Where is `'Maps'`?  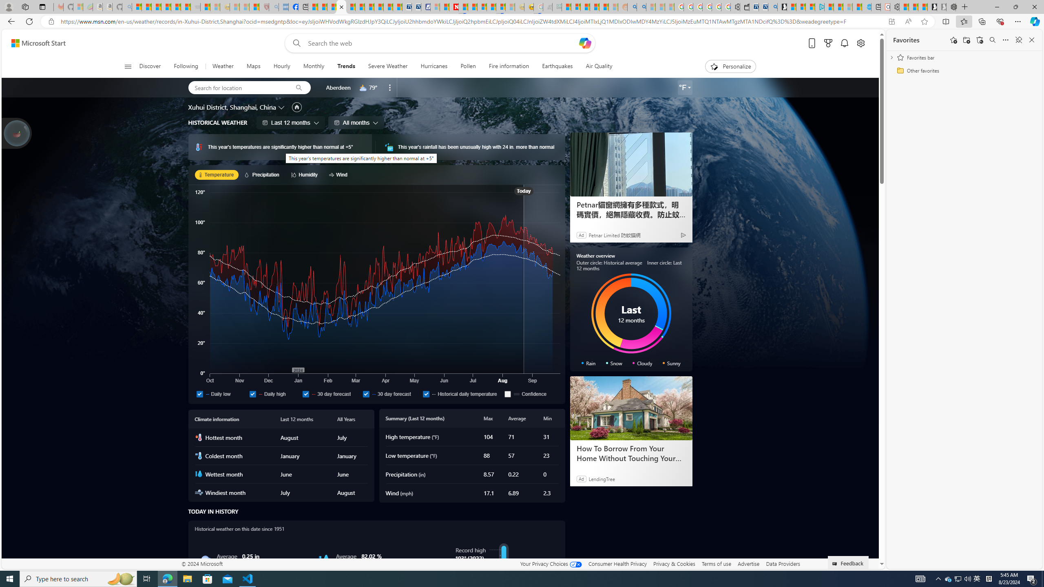
'Maps' is located at coordinates (253, 66).